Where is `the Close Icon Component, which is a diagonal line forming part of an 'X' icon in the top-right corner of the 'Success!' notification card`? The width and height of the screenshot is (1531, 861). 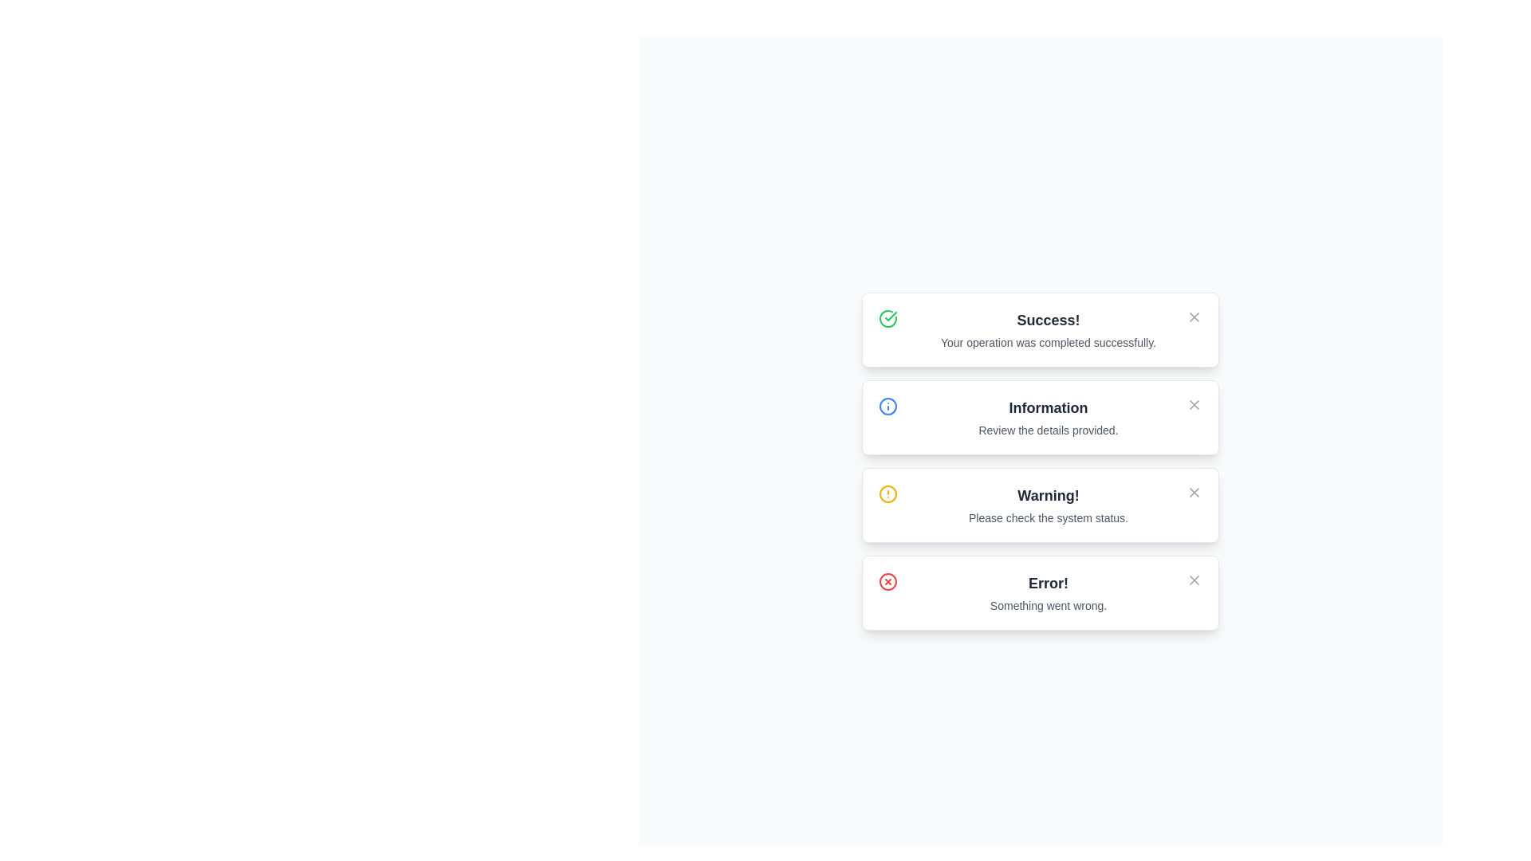
the Close Icon Component, which is a diagonal line forming part of an 'X' icon in the top-right corner of the 'Success!' notification card is located at coordinates (1194, 316).